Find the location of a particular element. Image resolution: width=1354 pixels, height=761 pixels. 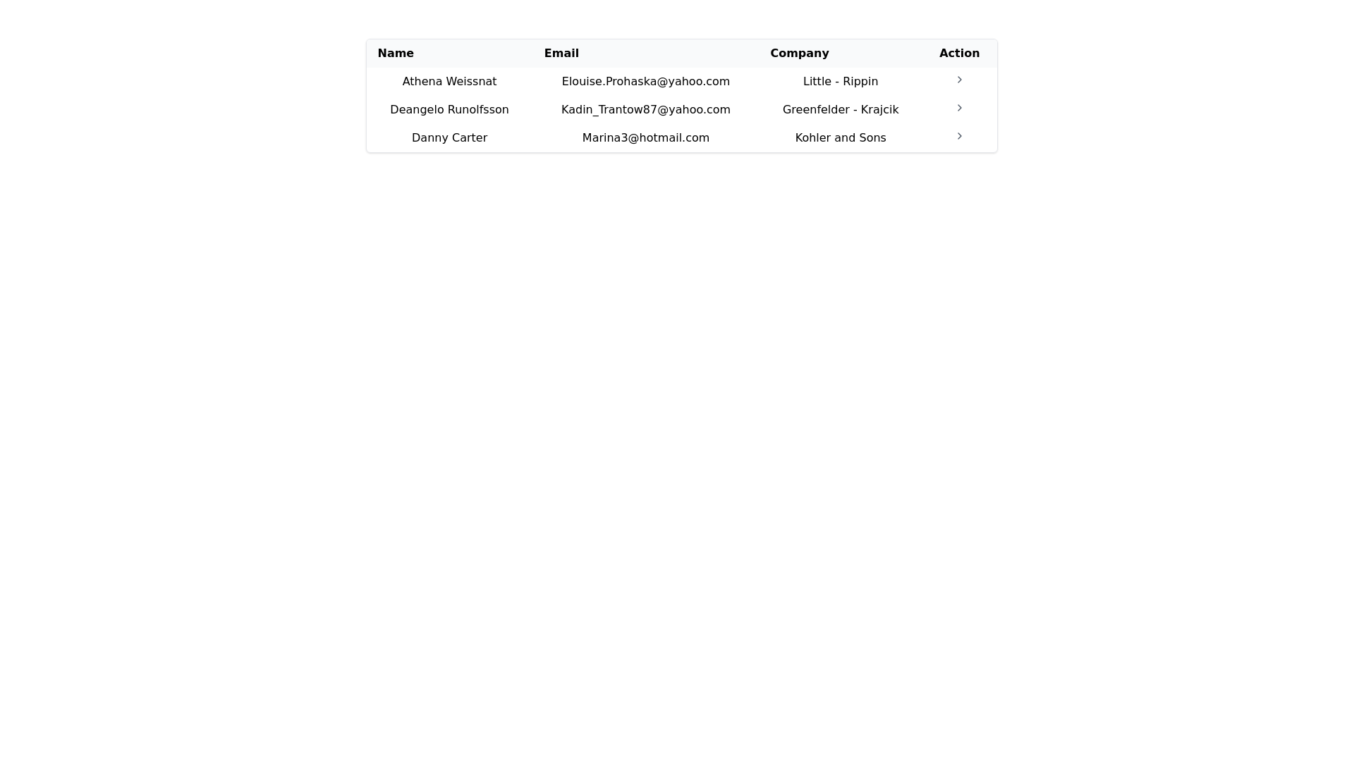

displayed text 'Danny Carter' from the first cell under the 'Name' column in the third row of the table is located at coordinates (449, 138).